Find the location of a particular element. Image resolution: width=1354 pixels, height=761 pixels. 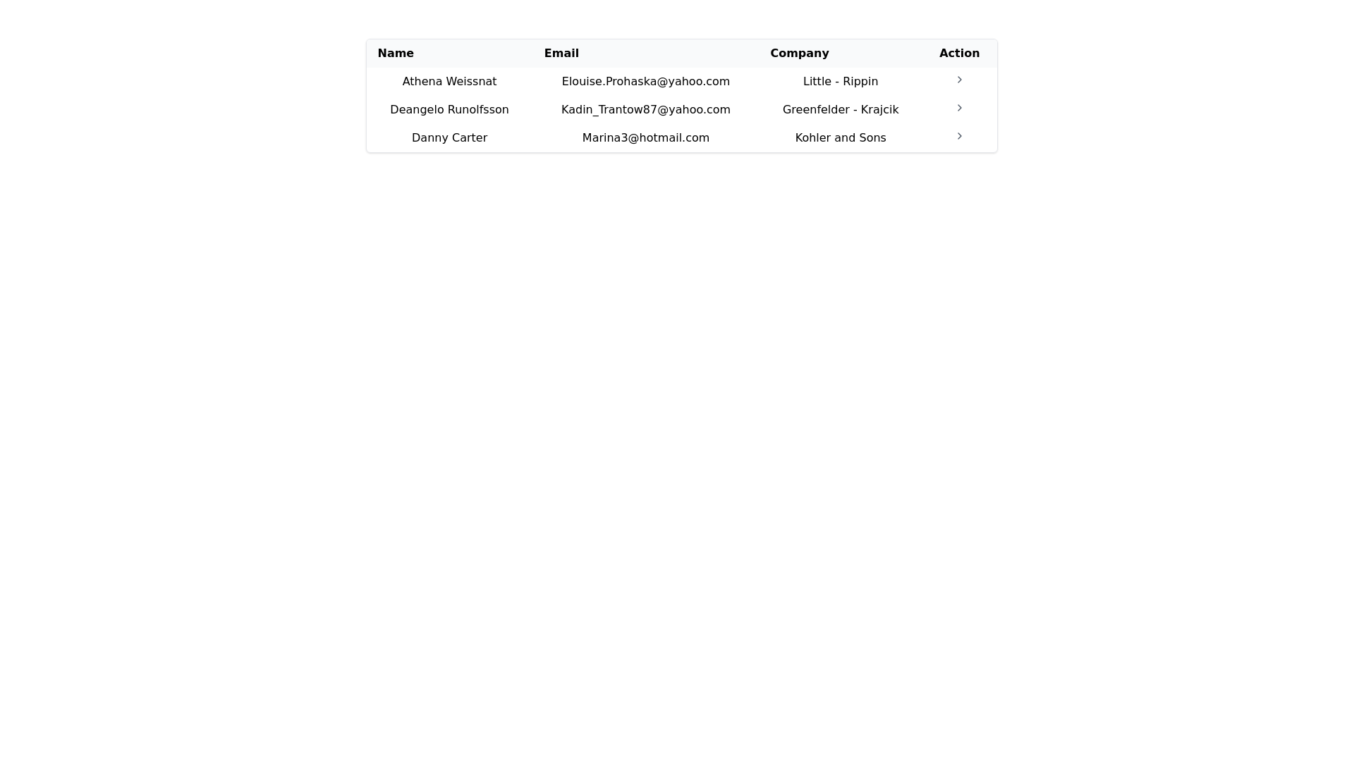

displayed text 'Danny Carter' from the first cell under the 'Name' column in the third row of the table is located at coordinates (449, 138).